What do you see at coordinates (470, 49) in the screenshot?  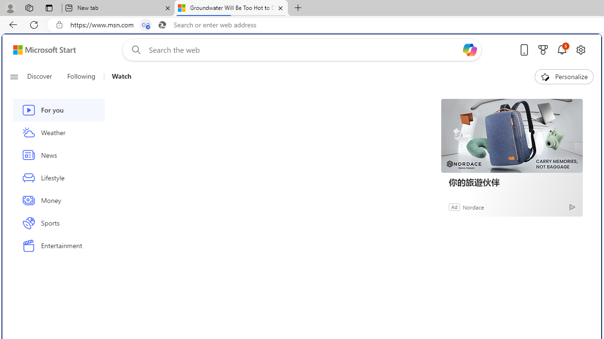 I see `'Open Copilot'` at bounding box center [470, 49].